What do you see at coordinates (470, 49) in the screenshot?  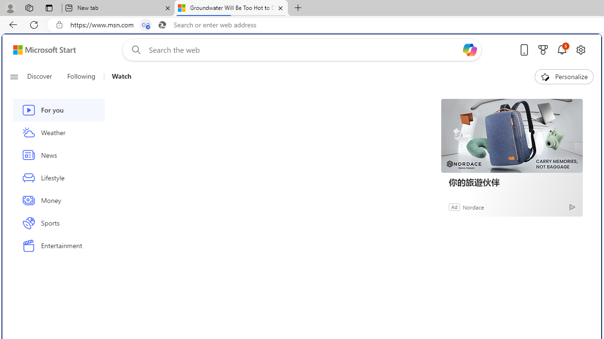 I see `'Open Copilot'` at bounding box center [470, 49].